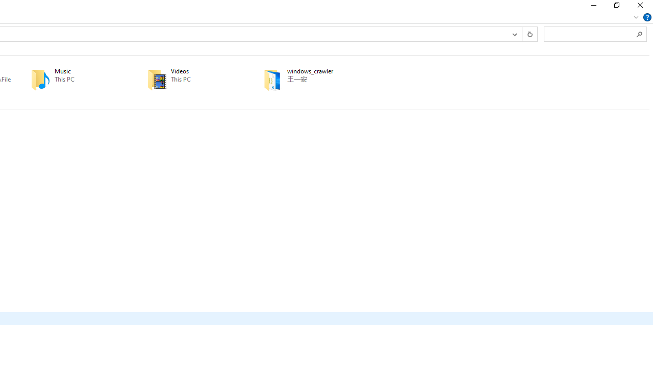 This screenshot has width=653, height=367. What do you see at coordinates (593, 8) in the screenshot?
I see `'Minimize'` at bounding box center [593, 8].